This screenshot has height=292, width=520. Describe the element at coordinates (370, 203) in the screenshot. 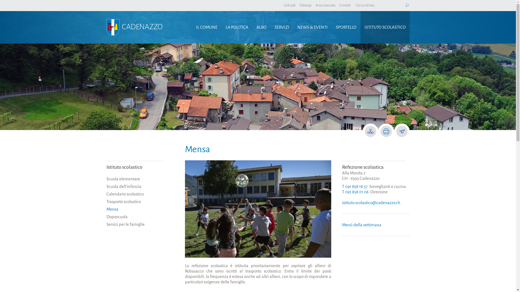

I see `'istituto.scolastico@cadenazzo.ch'` at that location.